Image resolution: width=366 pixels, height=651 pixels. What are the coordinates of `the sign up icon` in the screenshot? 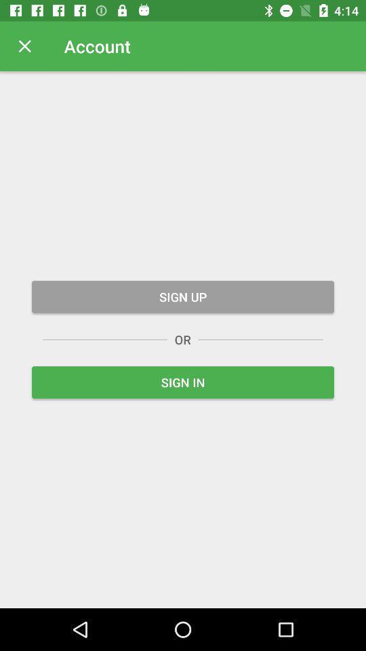 It's located at (183, 296).